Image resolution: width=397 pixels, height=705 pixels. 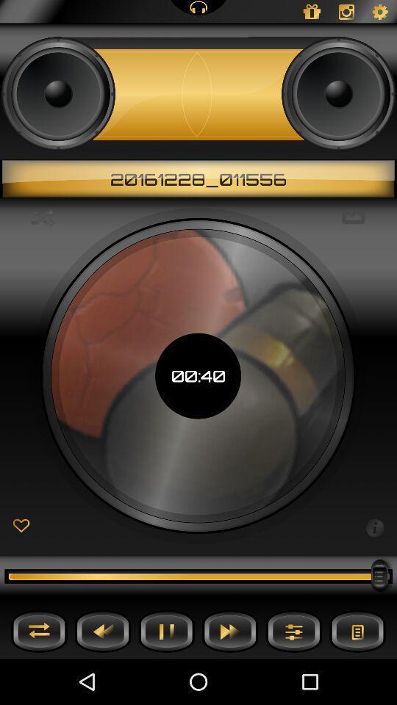 I want to click on more information, so click(x=374, y=527).